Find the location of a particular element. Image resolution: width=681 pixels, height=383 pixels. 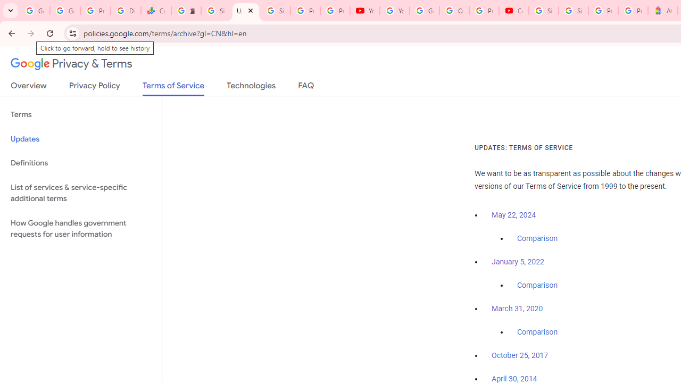

'Definitions' is located at coordinates (80, 163).